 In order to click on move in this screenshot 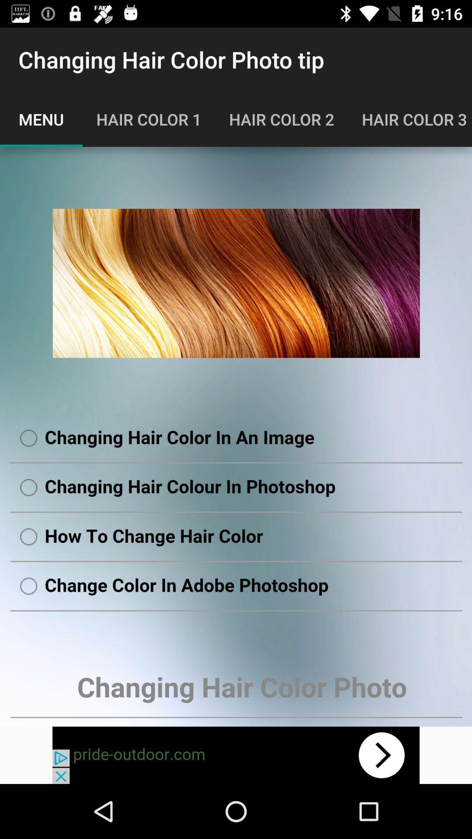, I will do `click(236, 755)`.